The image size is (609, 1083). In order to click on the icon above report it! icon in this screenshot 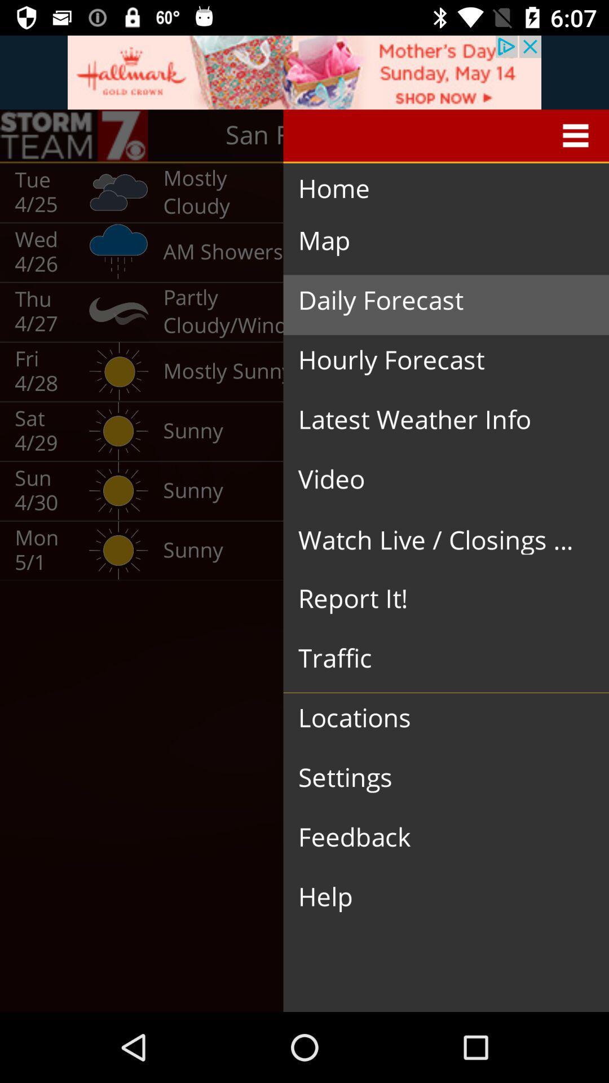, I will do `click(436, 539)`.